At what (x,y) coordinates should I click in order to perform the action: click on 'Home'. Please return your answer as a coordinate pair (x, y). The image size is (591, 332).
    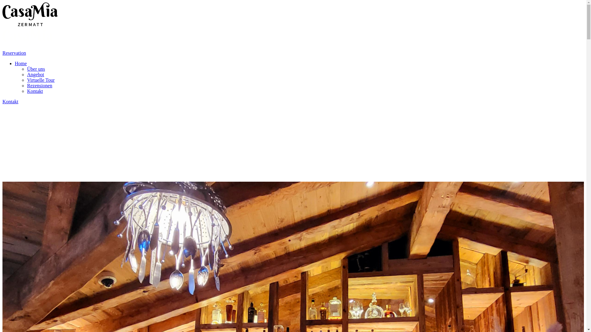
    Looking at the image, I should click on (21, 63).